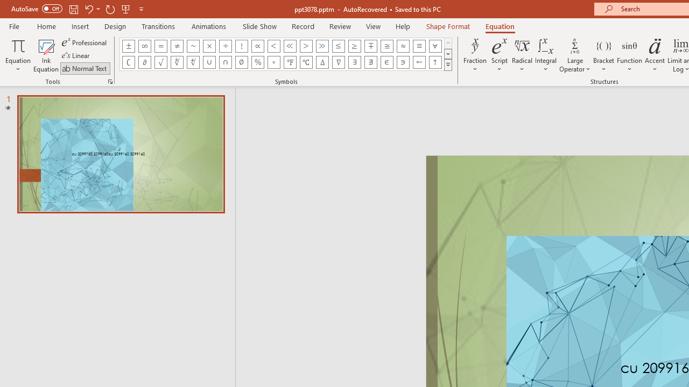 The image size is (689, 387). What do you see at coordinates (286, 54) in the screenshot?
I see `'AutomationID: EquationSymbolsInsertGallery'` at bounding box center [286, 54].